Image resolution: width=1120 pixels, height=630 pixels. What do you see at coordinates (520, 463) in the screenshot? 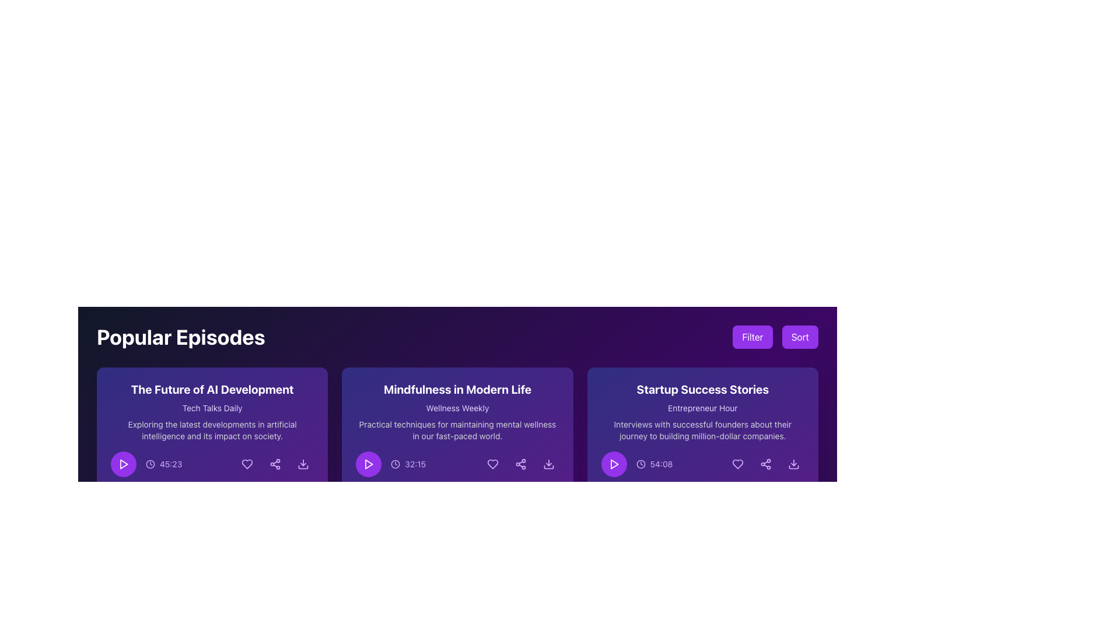
I see `the small circular button with a purple hover effect that features a white share icon, located in the control row below the card titled 'Mindfulness in Modern Life.'` at bounding box center [520, 463].